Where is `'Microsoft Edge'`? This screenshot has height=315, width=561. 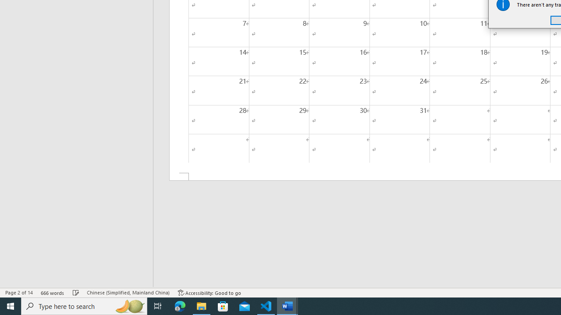
'Microsoft Edge' is located at coordinates (180, 305).